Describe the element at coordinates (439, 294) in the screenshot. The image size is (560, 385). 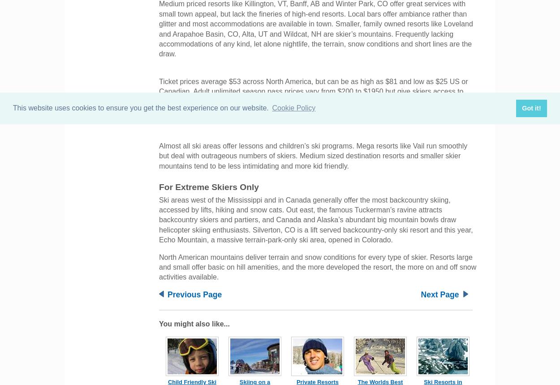
I see `'Next Page'` at that location.